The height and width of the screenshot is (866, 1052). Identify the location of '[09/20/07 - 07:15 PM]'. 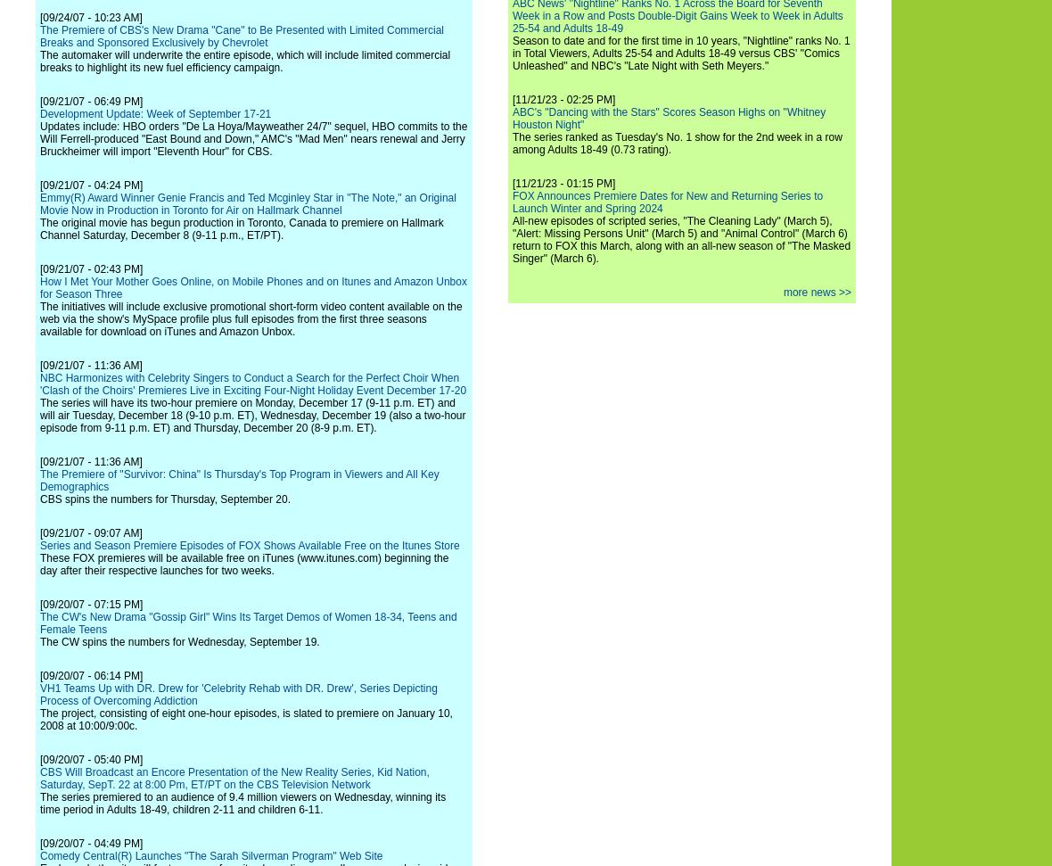
(90, 604).